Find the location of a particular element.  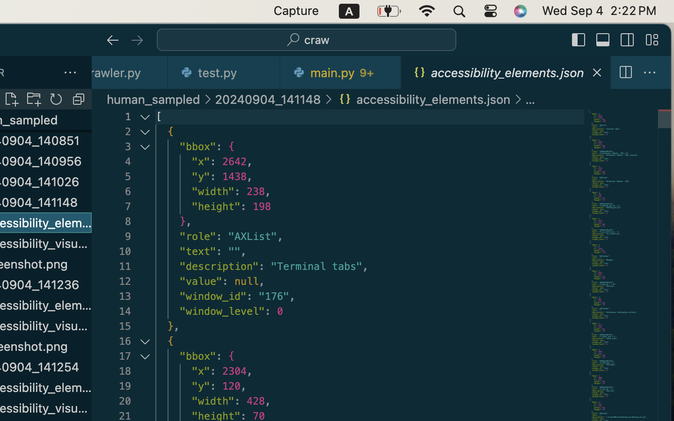

'' is located at coordinates (112, 40).